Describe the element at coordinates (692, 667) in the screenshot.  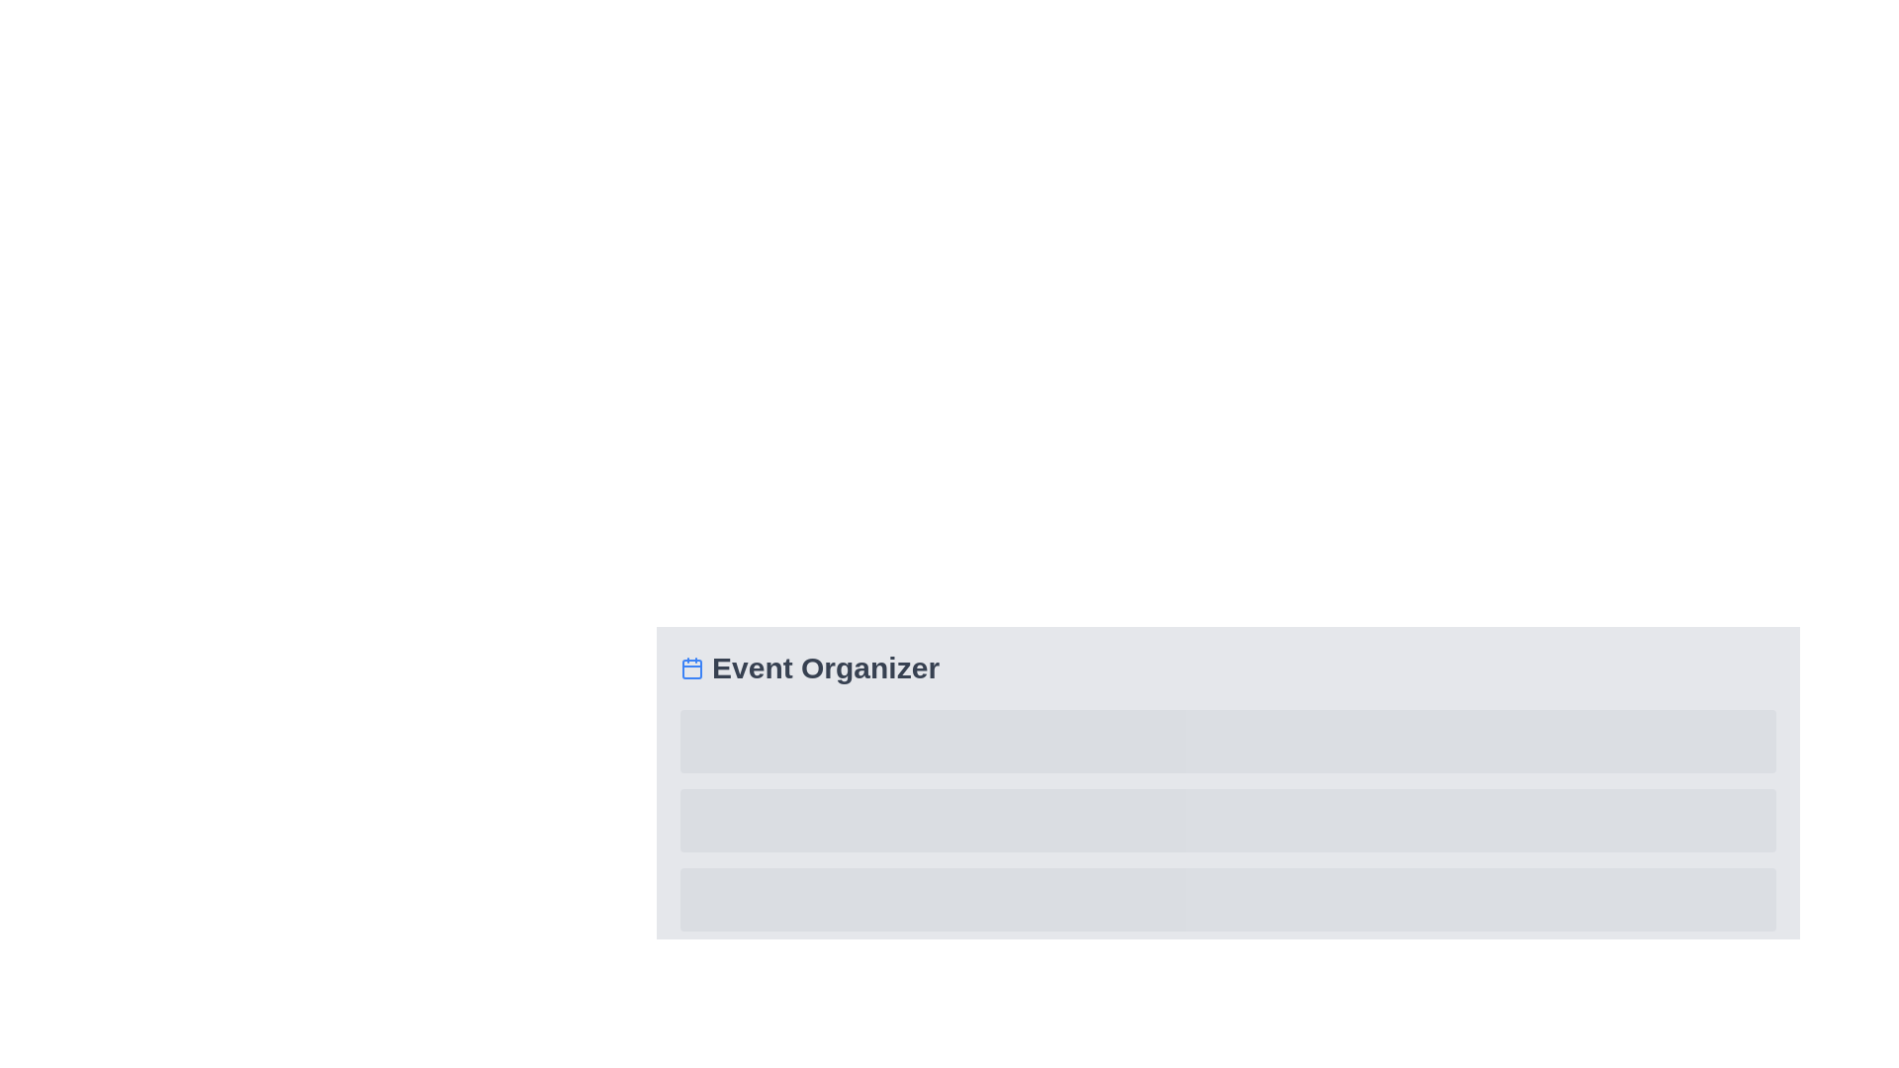
I see `the calendar icon with a blue outline and grid design, which is located to the left of the text 'Event Organizer'` at that location.